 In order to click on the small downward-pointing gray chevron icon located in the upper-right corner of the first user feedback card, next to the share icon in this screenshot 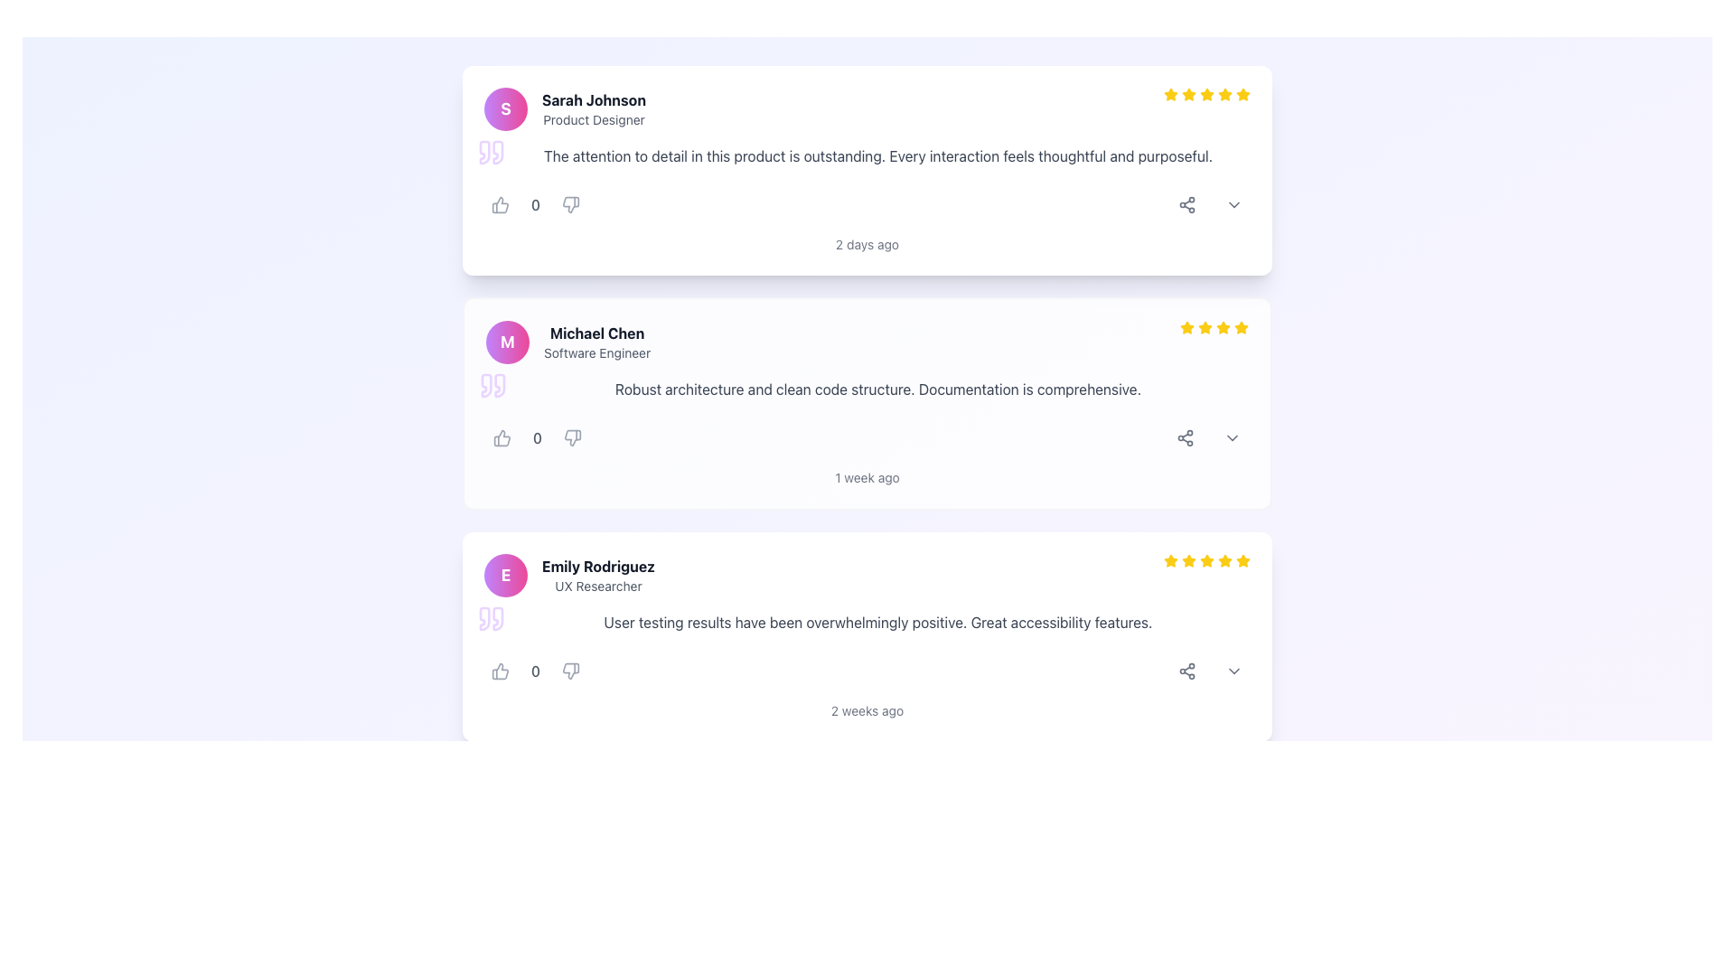, I will do `click(1233, 204)`.